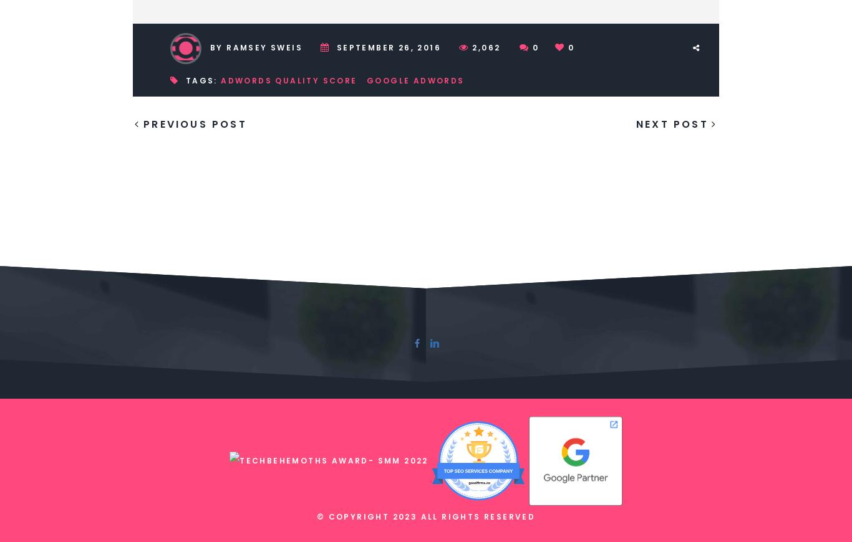  Describe the element at coordinates (472, 47) in the screenshot. I see `'2,062'` at that location.